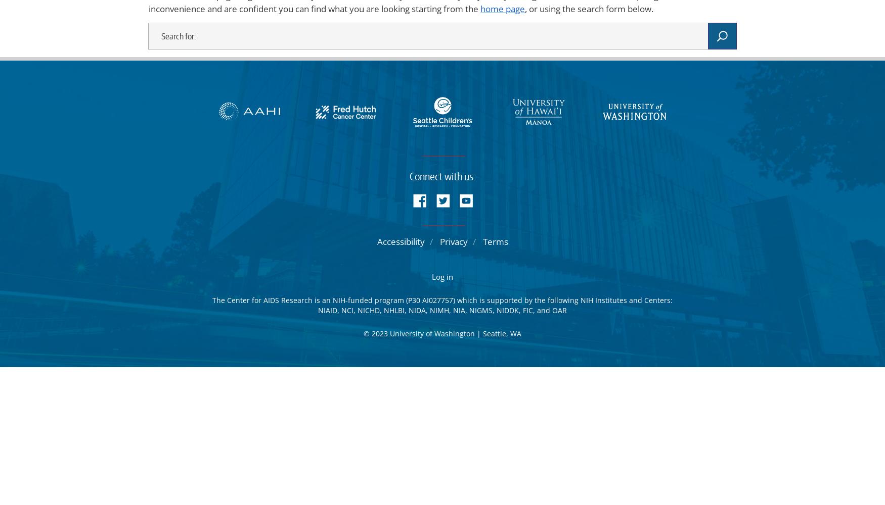 This screenshot has width=885, height=505. What do you see at coordinates (527, 309) in the screenshot?
I see `'FIC'` at bounding box center [527, 309].